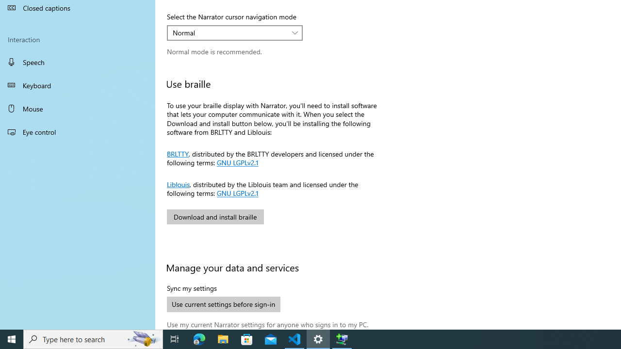 The width and height of the screenshot is (621, 349). Describe the element at coordinates (342, 338) in the screenshot. I see `'Extensible Wizards Host Process - 1 running window'` at that location.